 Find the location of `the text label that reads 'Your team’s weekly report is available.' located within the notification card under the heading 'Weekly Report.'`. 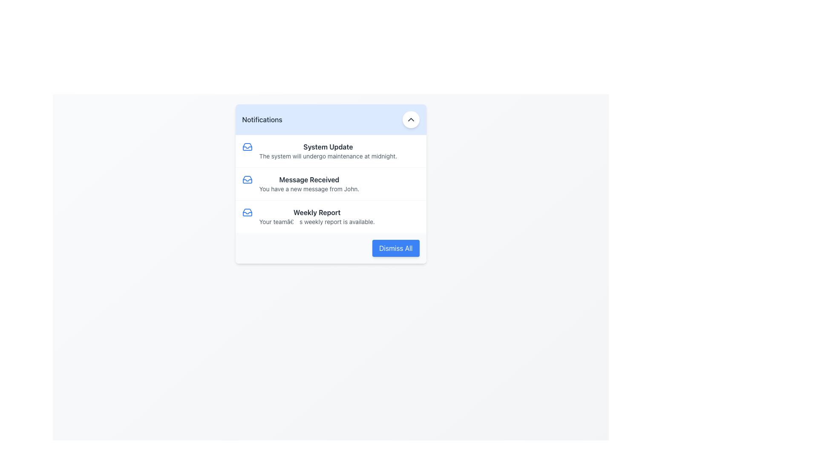

the text label that reads 'Your team’s weekly report is available.' located within the notification card under the heading 'Weekly Report.' is located at coordinates (317, 221).